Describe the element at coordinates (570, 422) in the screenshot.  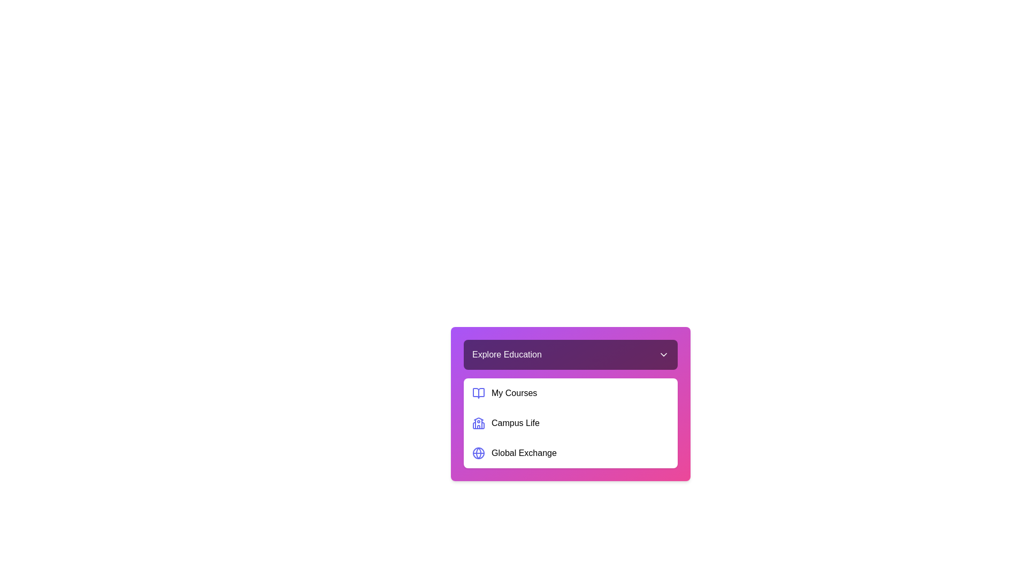
I see `the 'Campus Life' navigational button by` at that location.